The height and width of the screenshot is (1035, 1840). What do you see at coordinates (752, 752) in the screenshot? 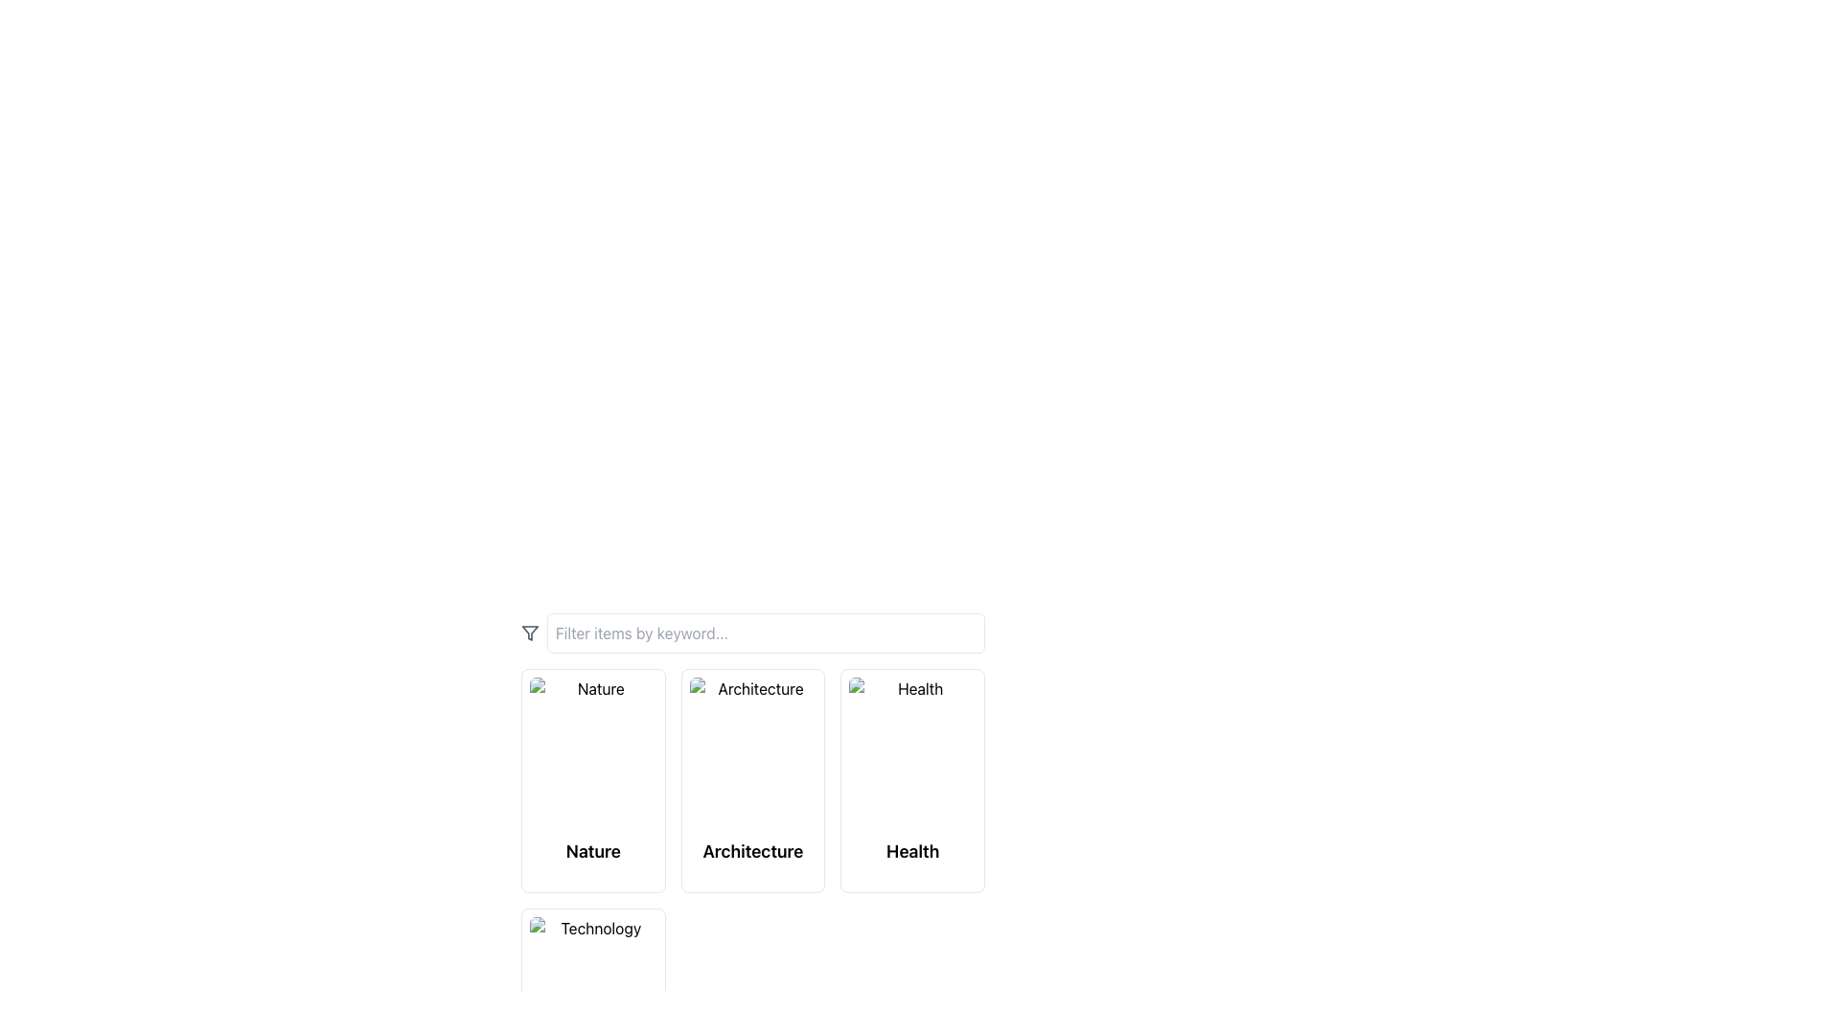
I see `the image representing the 'Architecture' theme, which is the topmost element in the second column of the grid layout` at bounding box center [752, 752].